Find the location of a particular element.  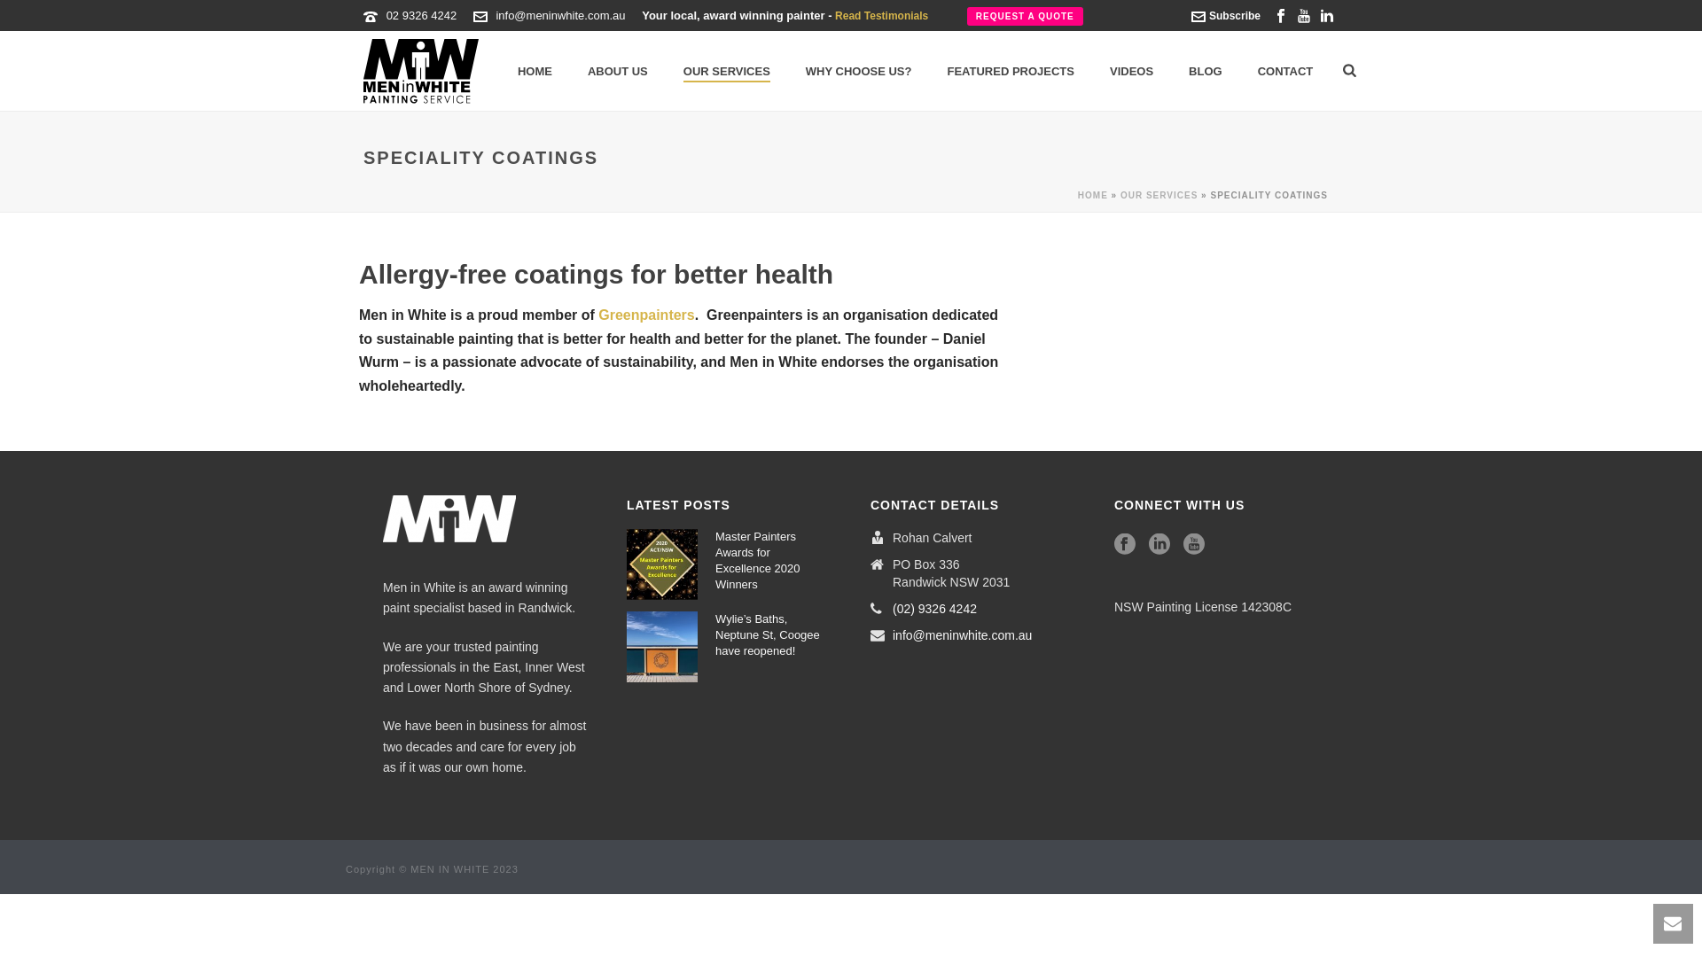

'REQUEST A QUOTE' is located at coordinates (965, 16).